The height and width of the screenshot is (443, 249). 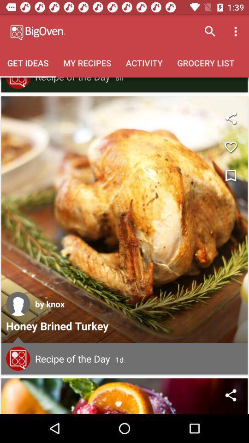 I want to click on next receipt, so click(x=125, y=395).